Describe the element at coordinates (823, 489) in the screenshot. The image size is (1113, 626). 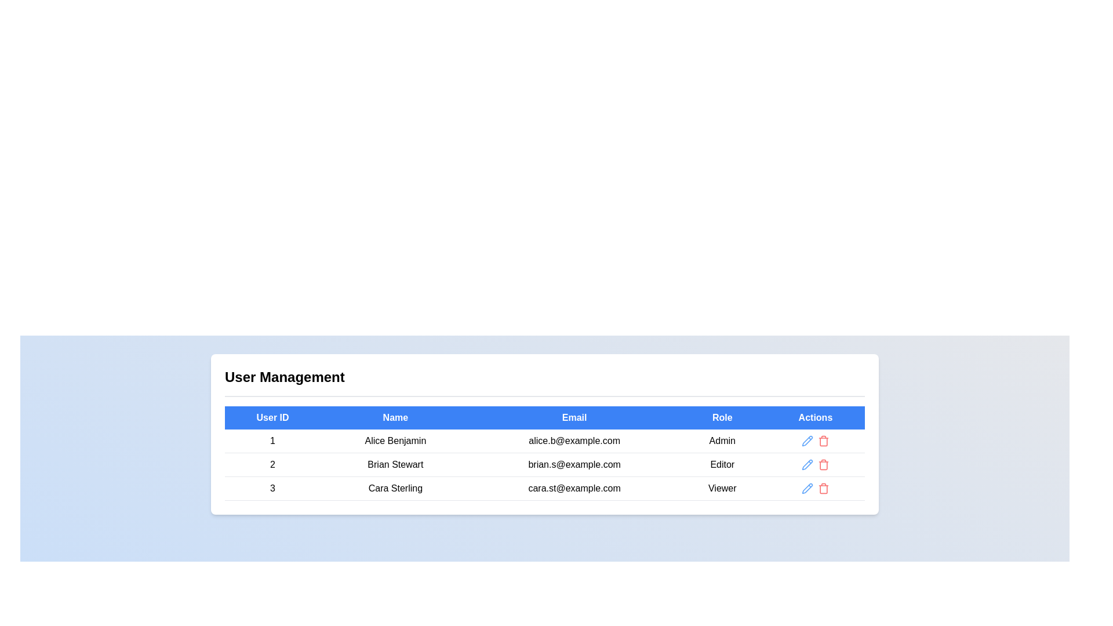
I see `the red trash bin icon in the 'Actions' column of the last row in the 'User Management' table` at that location.